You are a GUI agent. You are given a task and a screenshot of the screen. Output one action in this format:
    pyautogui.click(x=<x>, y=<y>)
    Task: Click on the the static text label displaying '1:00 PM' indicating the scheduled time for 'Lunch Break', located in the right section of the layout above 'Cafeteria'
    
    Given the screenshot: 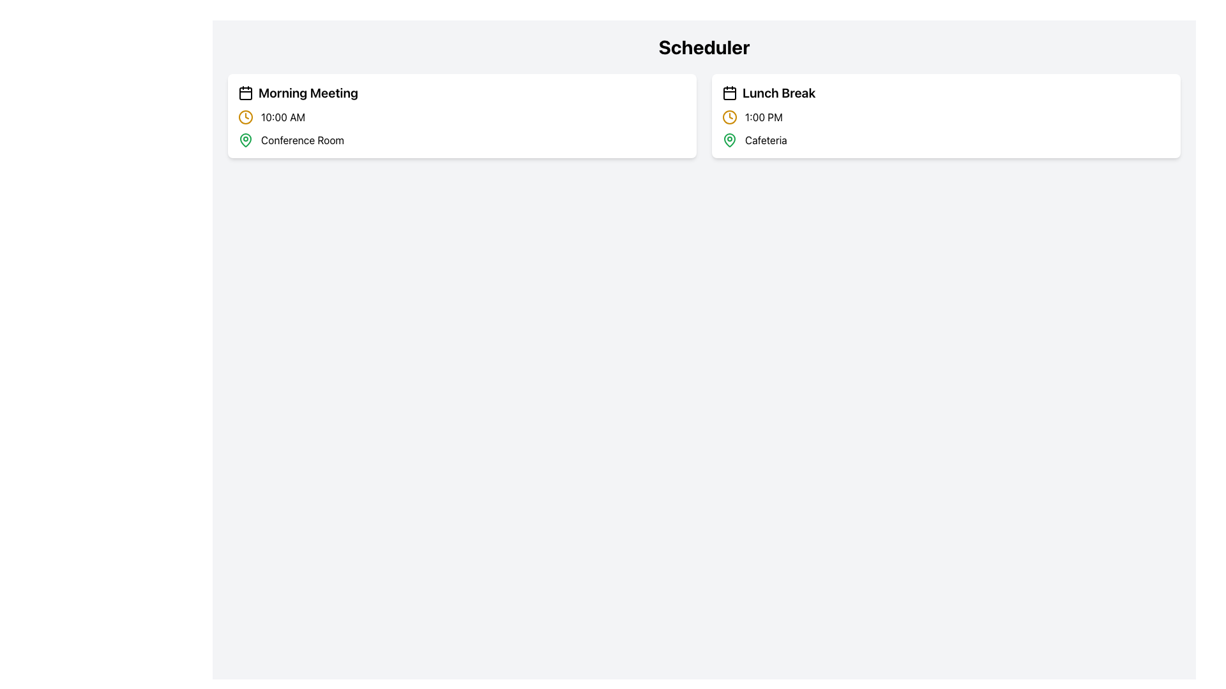 What is the action you would take?
    pyautogui.click(x=764, y=117)
    